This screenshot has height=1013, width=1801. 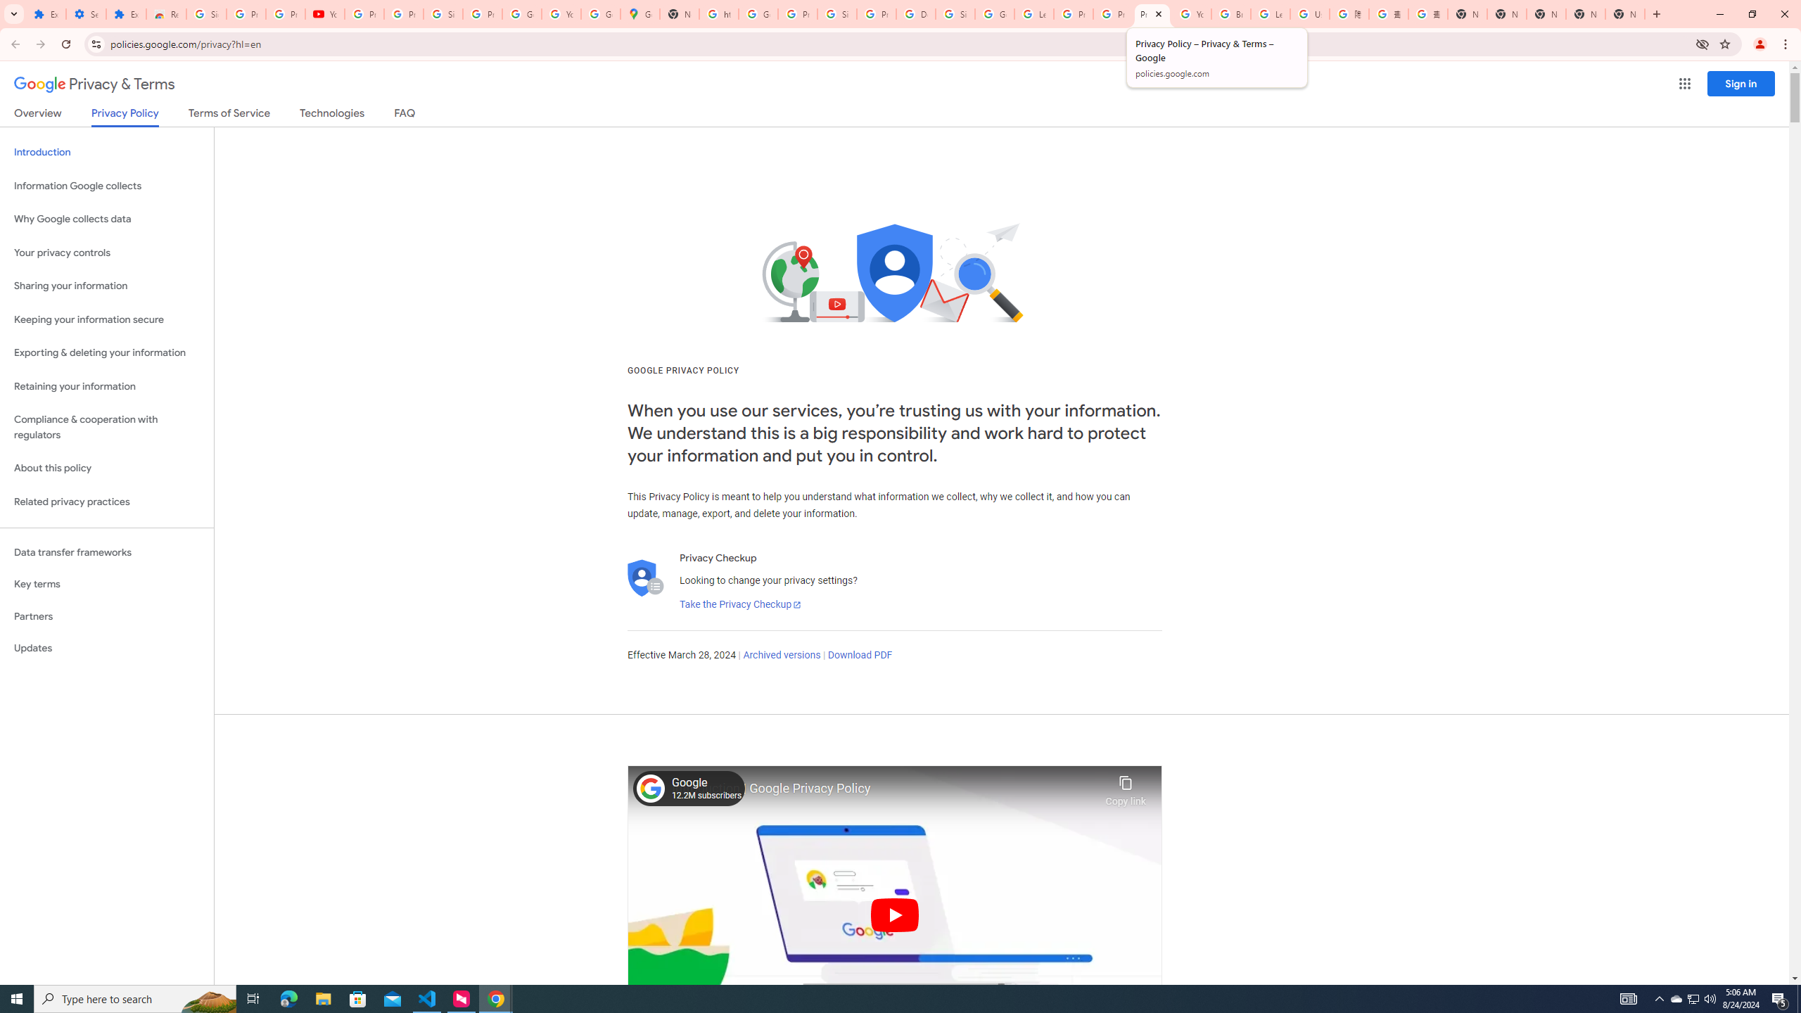 What do you see at coordinates (106, 647) in the screenshot?
I see `'Updates'` at bounding box center [106, 647].